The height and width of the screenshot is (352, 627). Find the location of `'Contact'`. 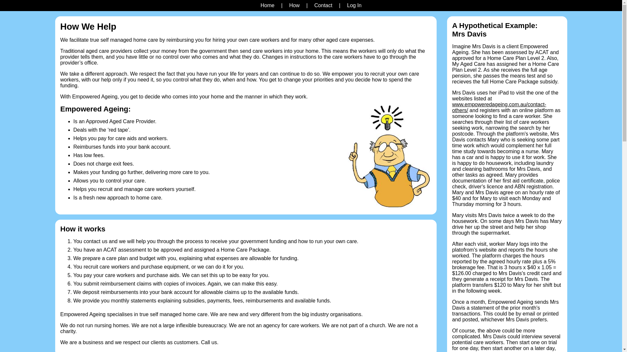

'Contact' is located at coordinates (323, 5).